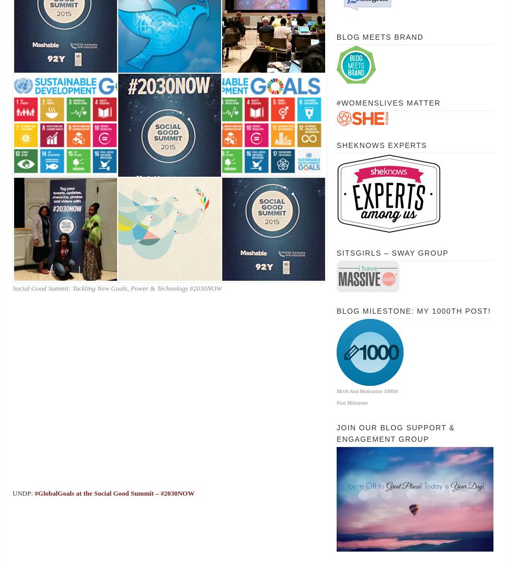 This screenshot has height=561, width=506. What do you see at coordinates (412, 311) in the screenshot?
I see `'BLOG MILESTONE: MY 1000TH POST!'` at bounding box center [412, 311].